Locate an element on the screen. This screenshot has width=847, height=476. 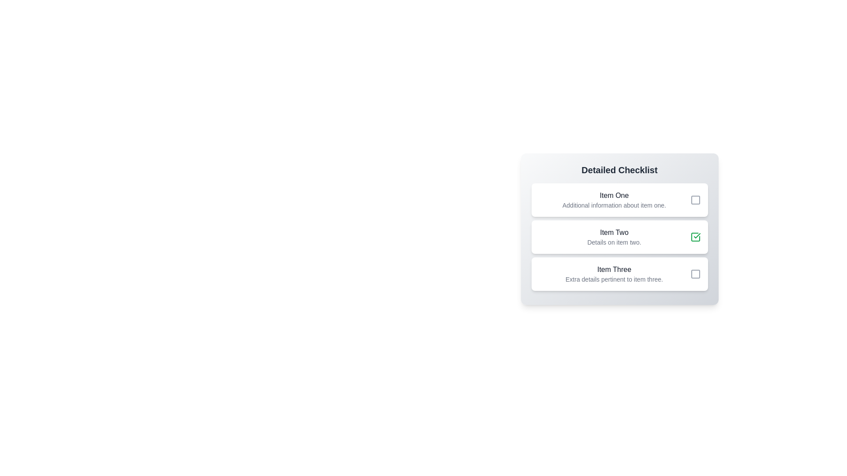
the non-interactive Text Block that describes 'Item Three', located at the bottom of the checklist interface is located at coordinates (614, 273).